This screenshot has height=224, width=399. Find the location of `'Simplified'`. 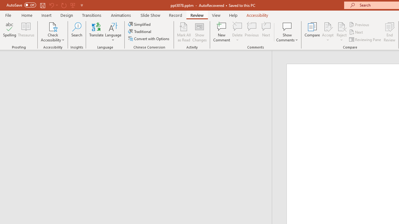

'Simplified' is located at coordinates (140, 24).